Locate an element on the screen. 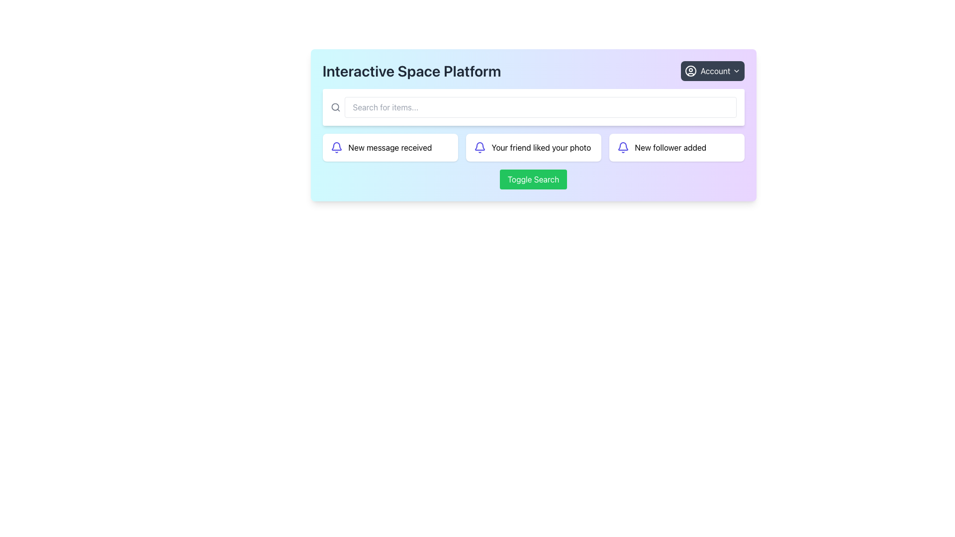 This screenshot has height=537, width=955. the notification message text label located to the right of the bell icon within the notification card in the second row of the interface, just below the search bar is located at coordinates (389, 148).